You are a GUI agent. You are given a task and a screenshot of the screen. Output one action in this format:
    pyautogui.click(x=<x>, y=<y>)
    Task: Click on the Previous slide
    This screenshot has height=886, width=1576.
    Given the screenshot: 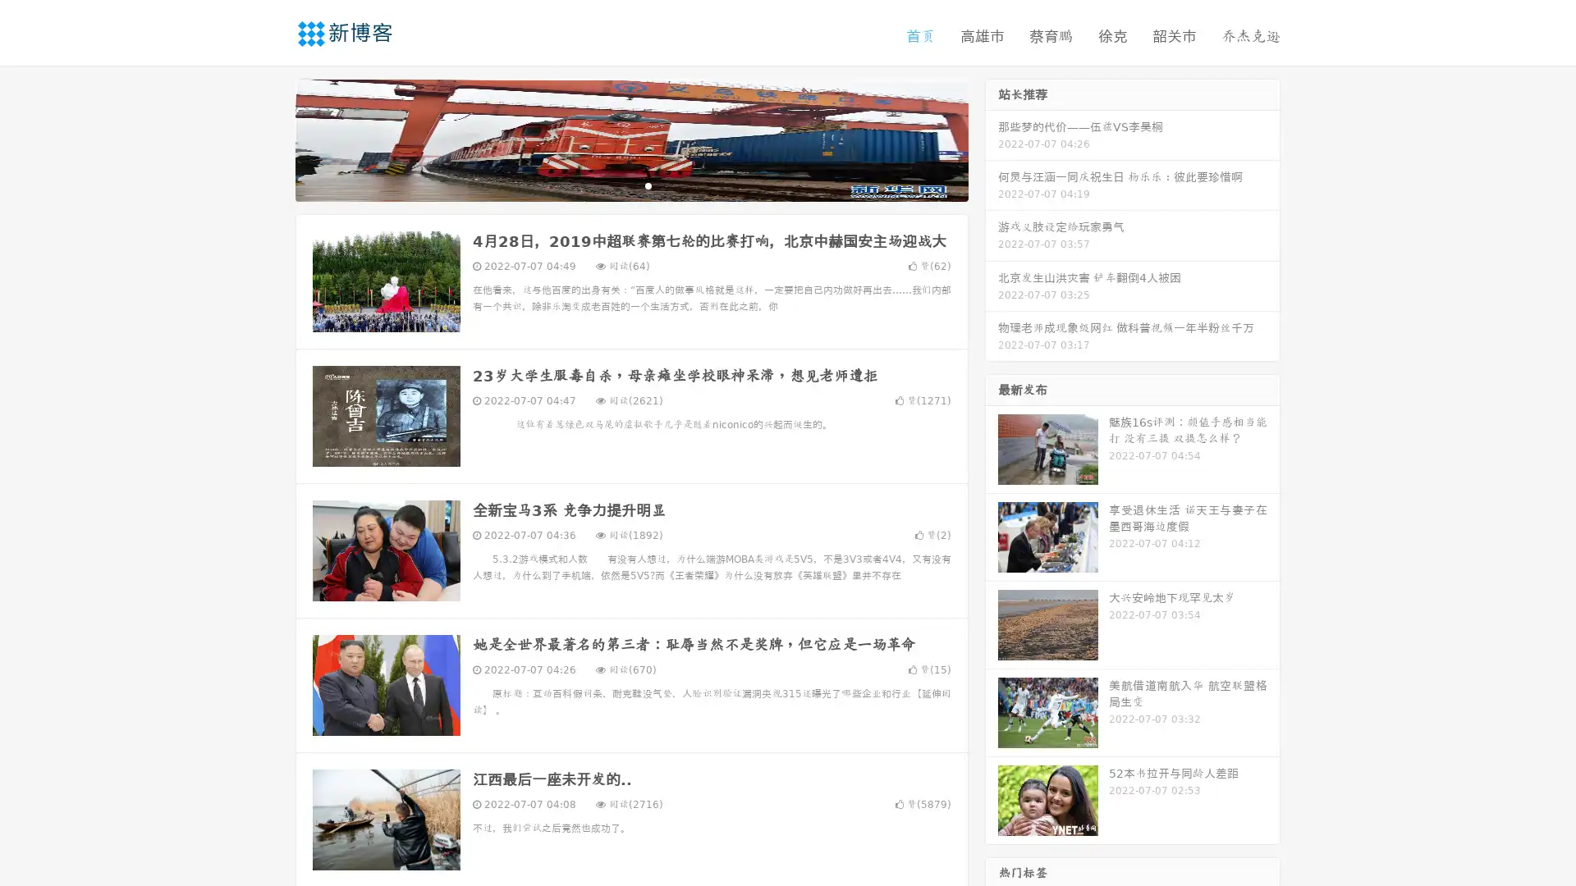 What is the action you would take?
    pyautogui.click(x=271, y=138)
    